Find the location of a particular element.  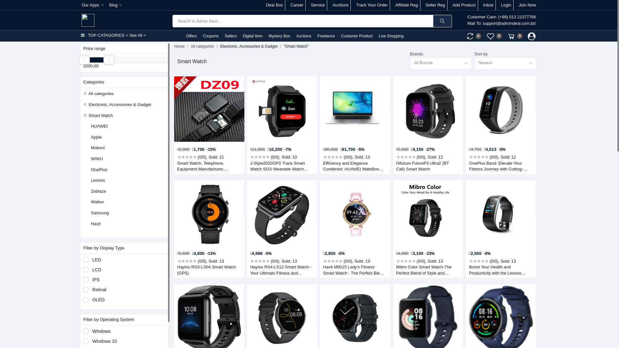

'Coupons' is located at coordinates (210, 36).